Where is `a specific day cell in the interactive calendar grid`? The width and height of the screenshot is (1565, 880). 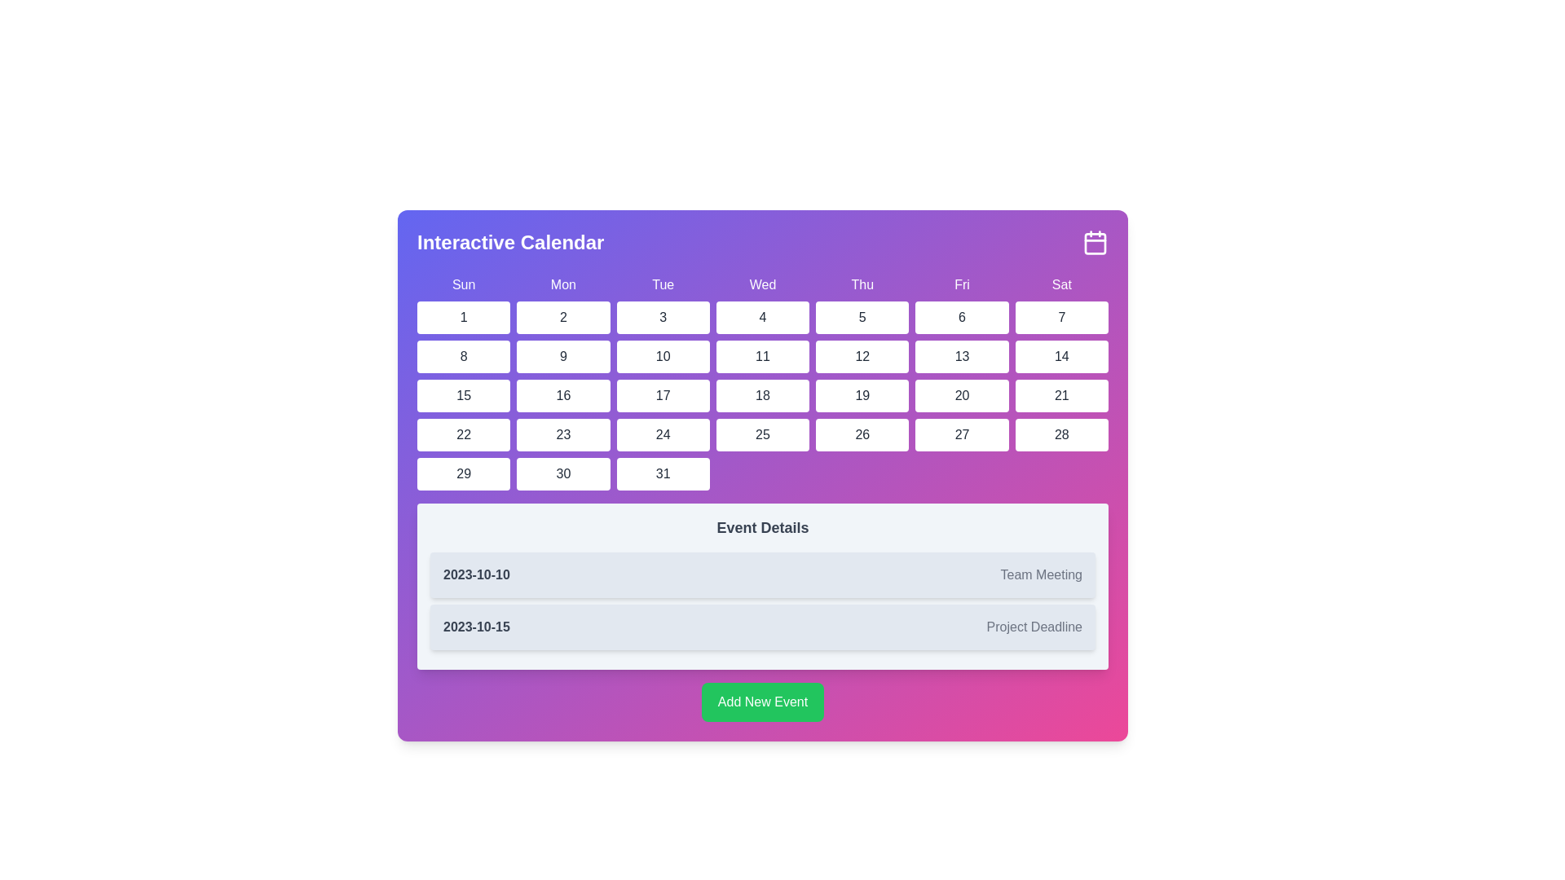 a specific day cell in the interactive calendar grid is located at coordinates (762, 383).